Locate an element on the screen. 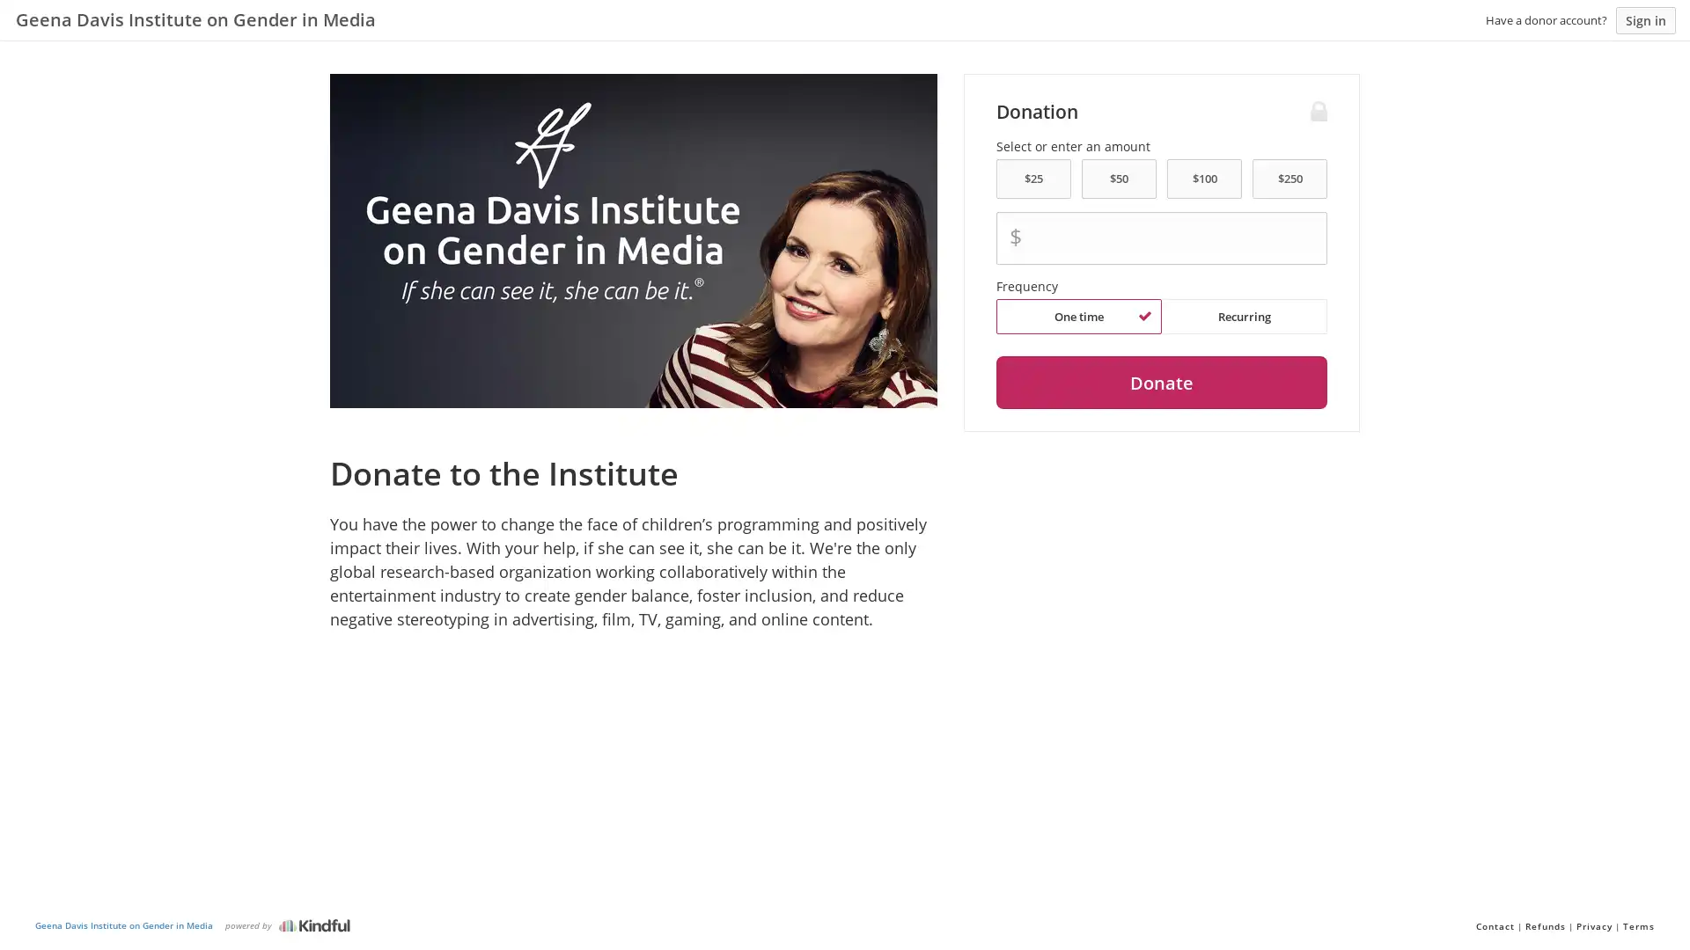 Image resolution: width=1690 pixels, height=950 pixels. Donate is located at coordinates (1161, 382).